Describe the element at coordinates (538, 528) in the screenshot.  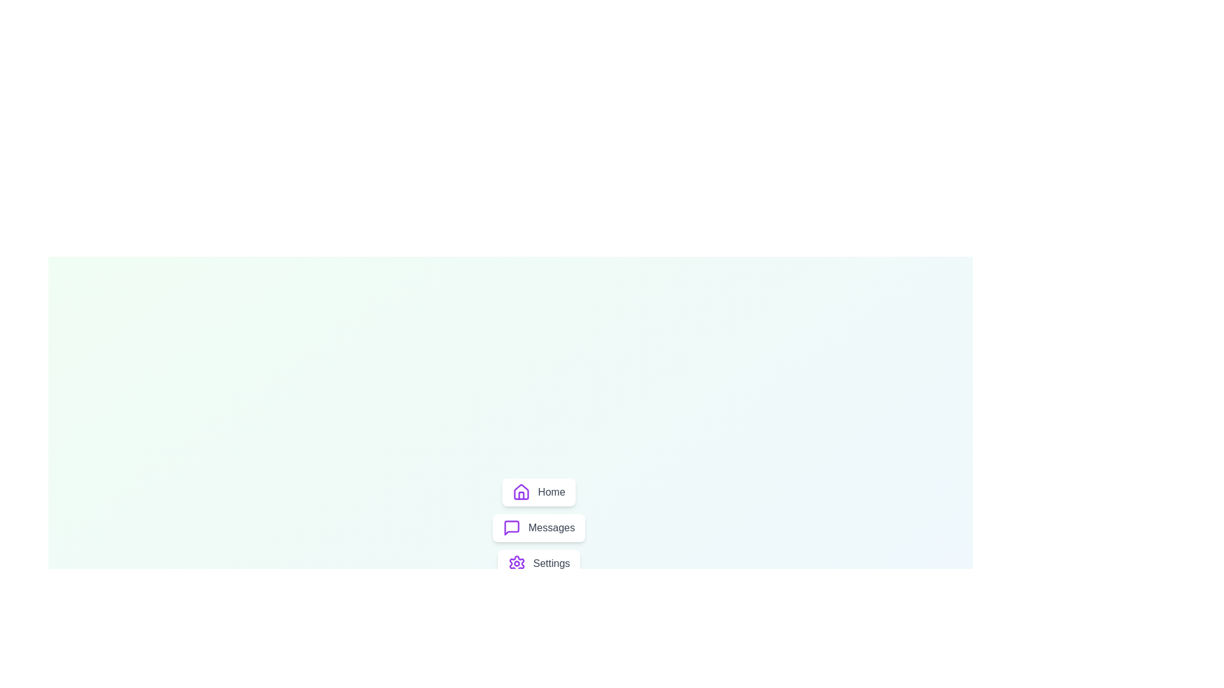
I see `the menu item labeled Messages to view its tooltip` at that location.